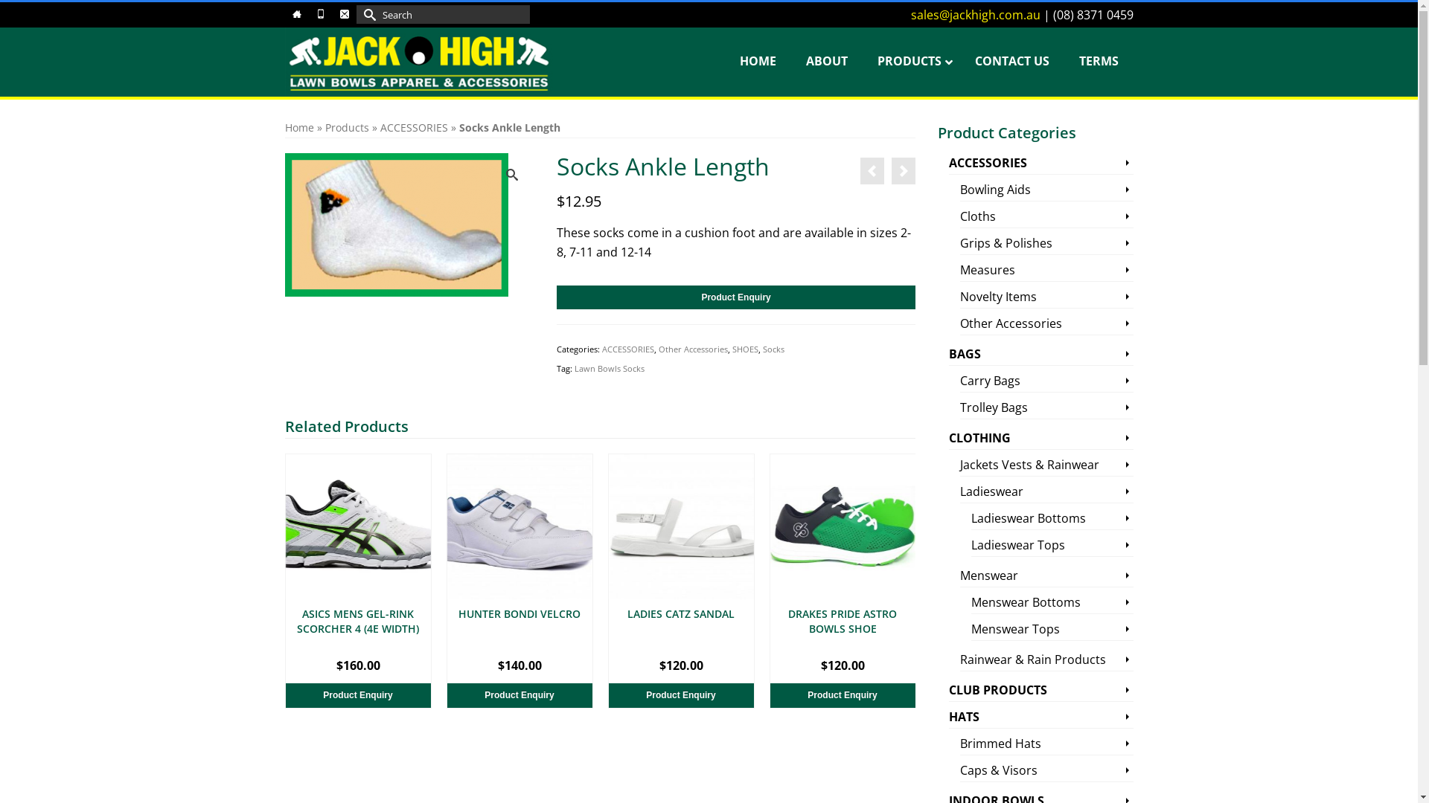 This screenshot has height=803, width=1429. What do you see at coordinates (1046, 575) in the screenshot?
I see `'Menswear'` at bounding box center [1046, 575].